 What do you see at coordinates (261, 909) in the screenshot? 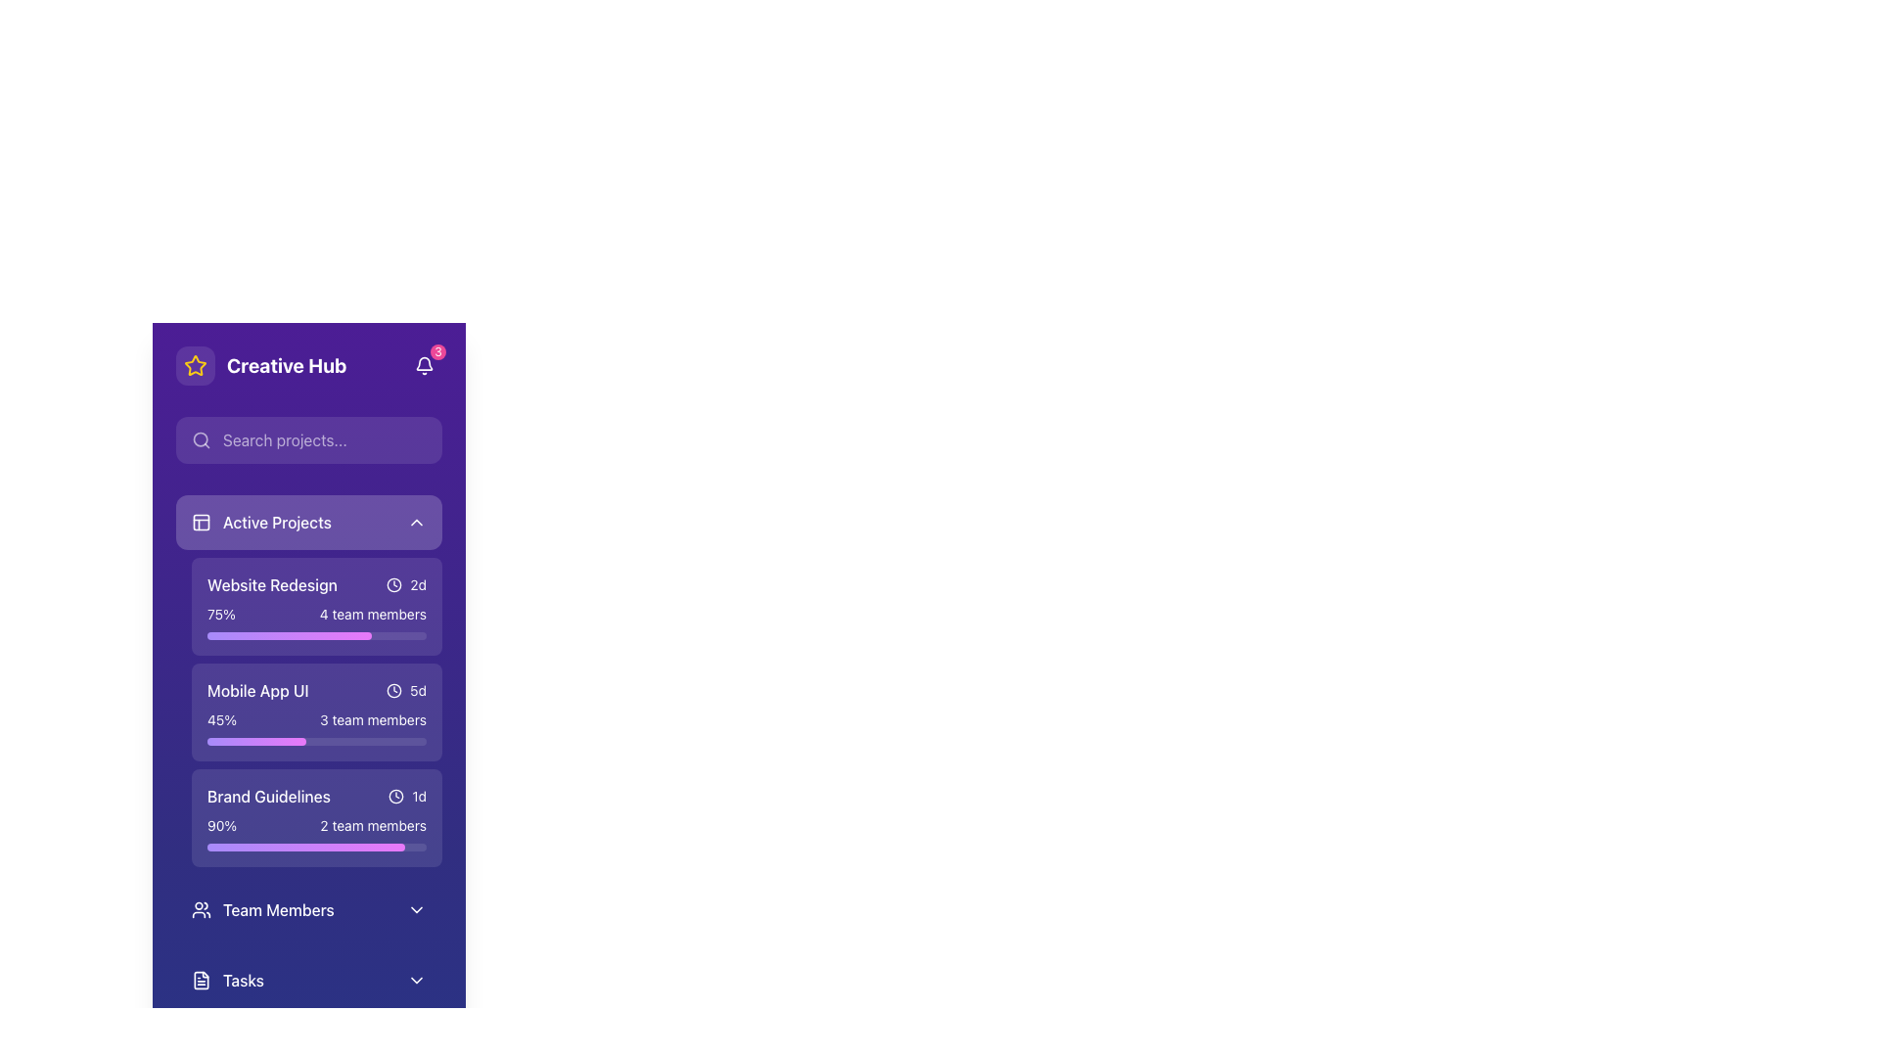
I see `the 'Team Members' Icon-text button, which features an icon of a group of people followed by the text in bold` at bounding box center [261, 909].